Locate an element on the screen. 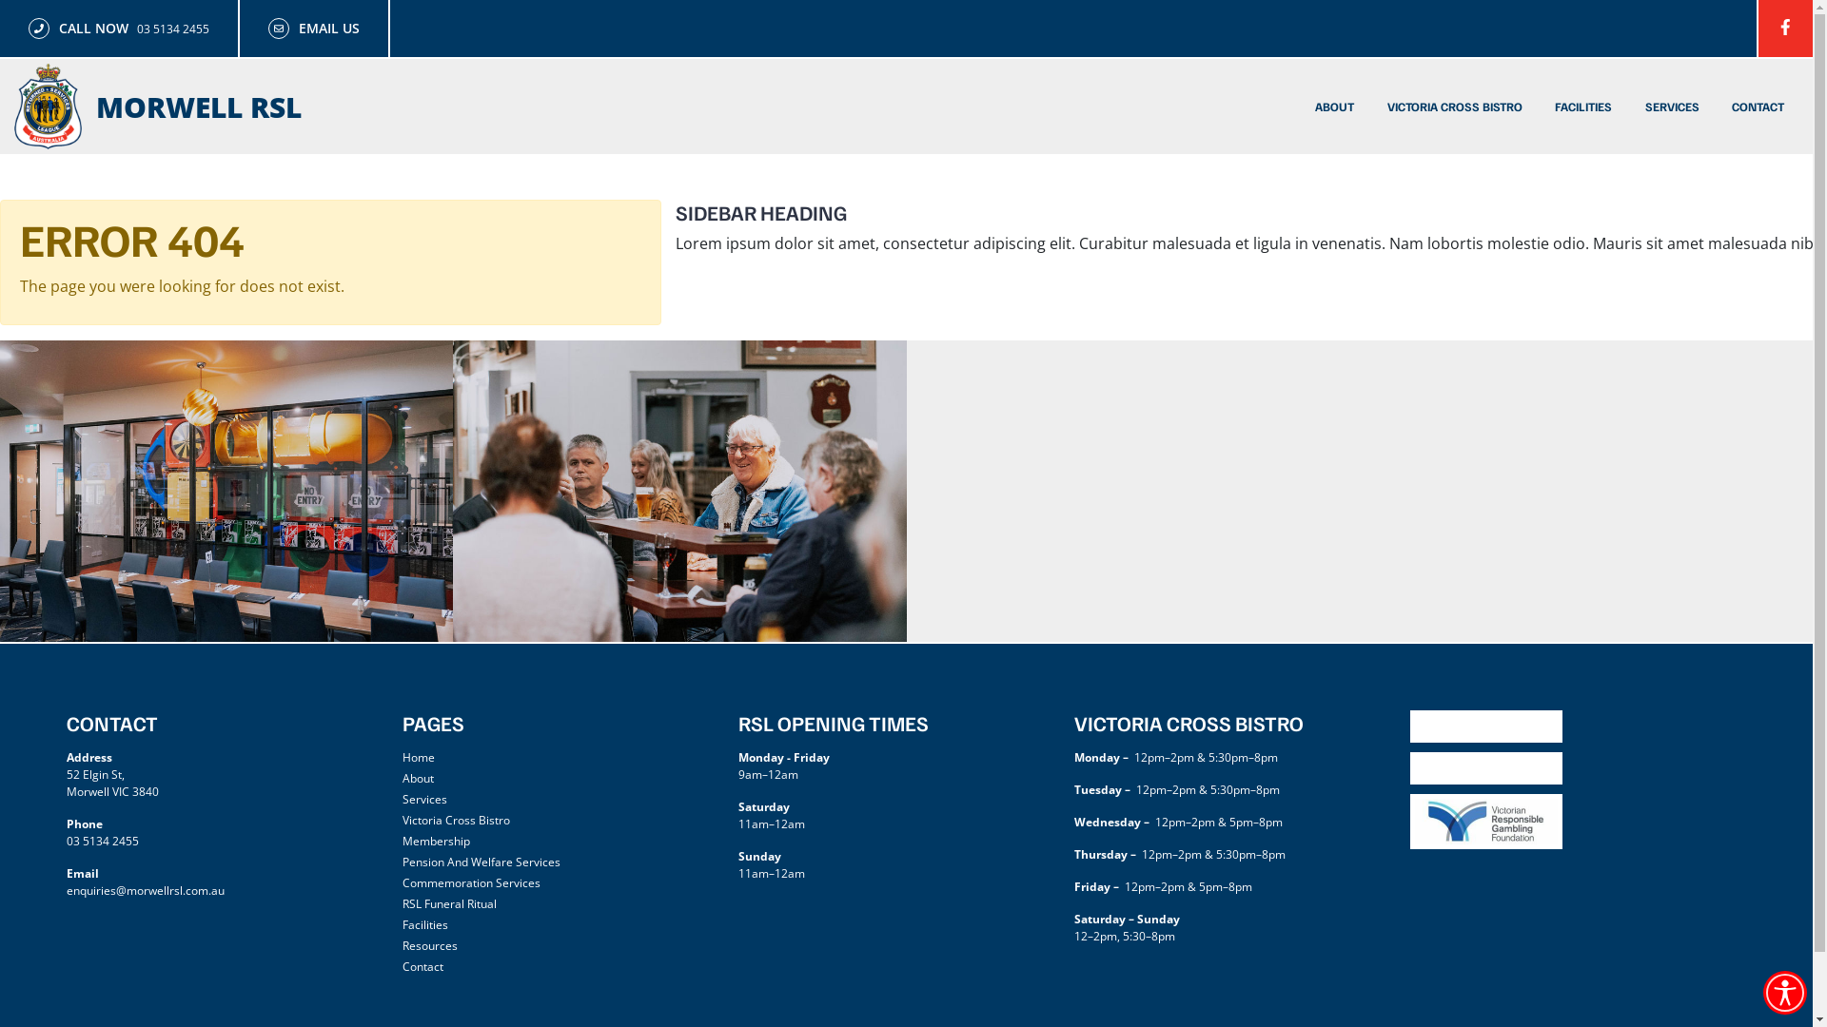  'FACILITIES' is located at coordinates (1583, 106).